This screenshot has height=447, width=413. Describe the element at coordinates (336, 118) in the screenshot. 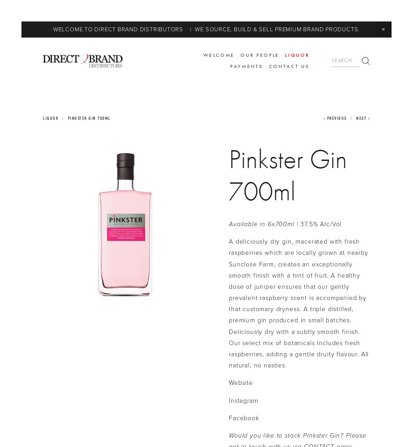

I see `'Previous'` at that location.